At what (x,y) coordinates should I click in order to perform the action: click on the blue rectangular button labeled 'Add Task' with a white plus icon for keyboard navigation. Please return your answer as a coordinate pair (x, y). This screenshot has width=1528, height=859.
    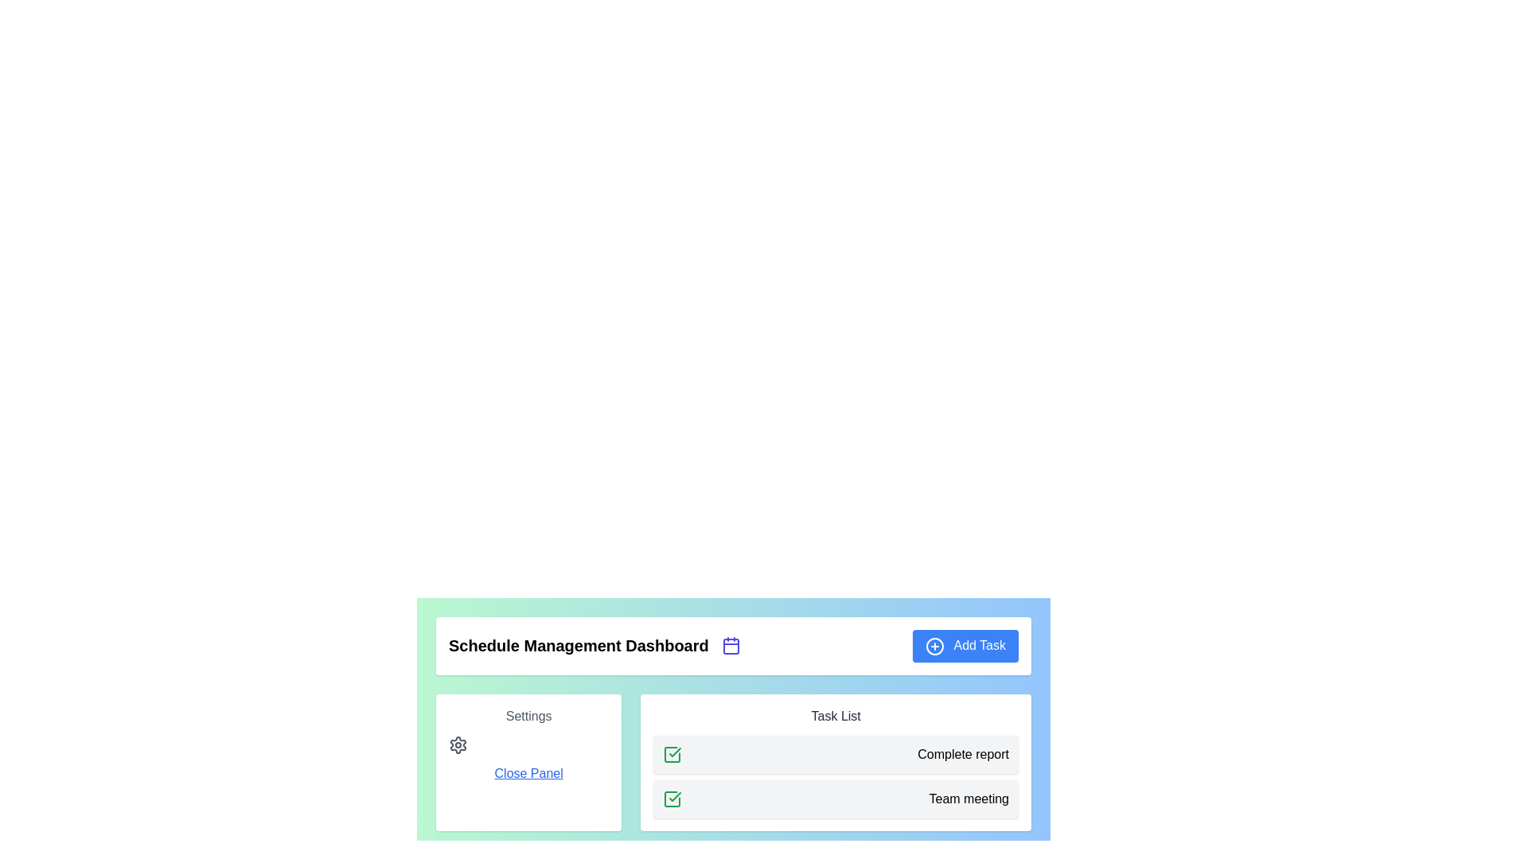
    Looking at the image, I should click on (965, 646).